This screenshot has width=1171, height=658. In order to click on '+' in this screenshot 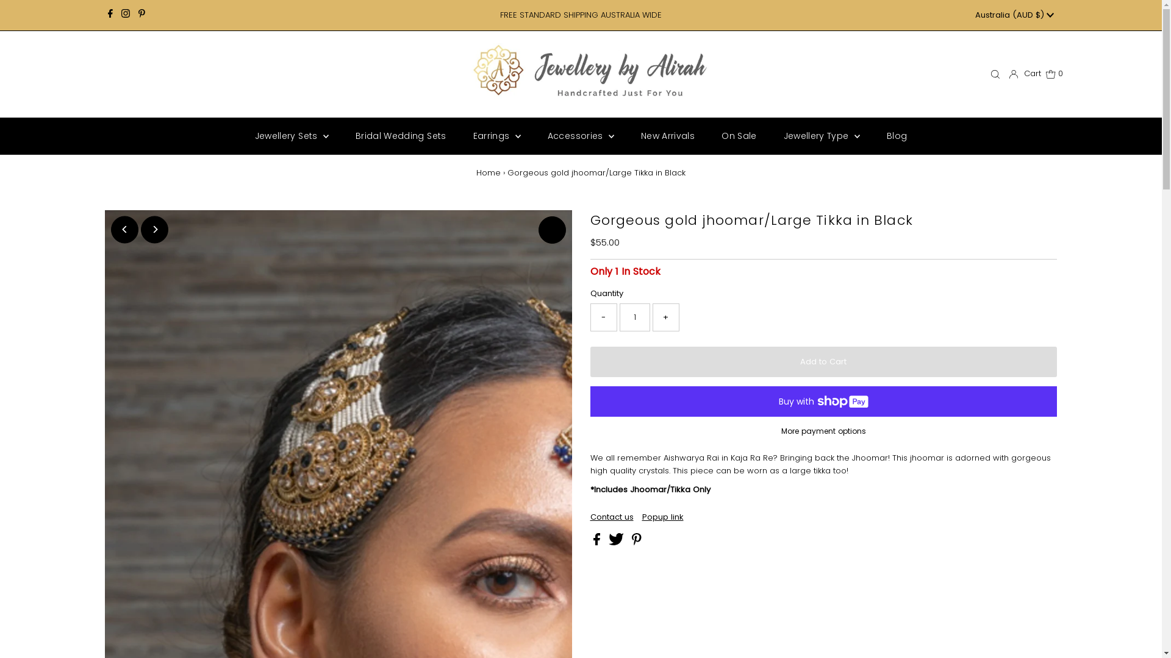, I will do `click(665, 316)`.